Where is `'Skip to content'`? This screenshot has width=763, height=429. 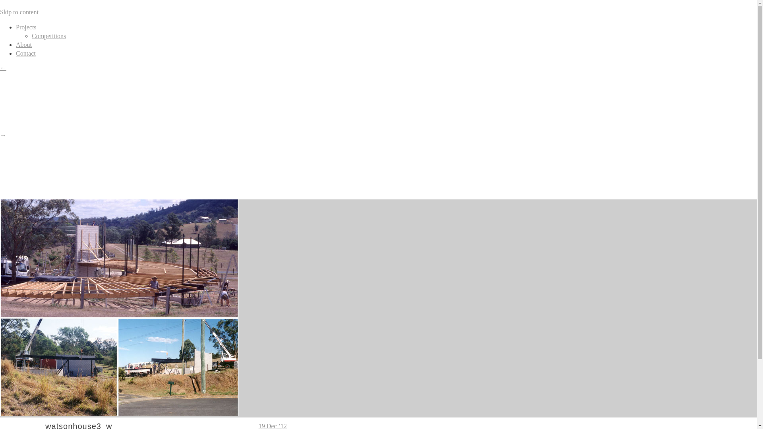 'Skip to content' is located at coordinates (19, 12).